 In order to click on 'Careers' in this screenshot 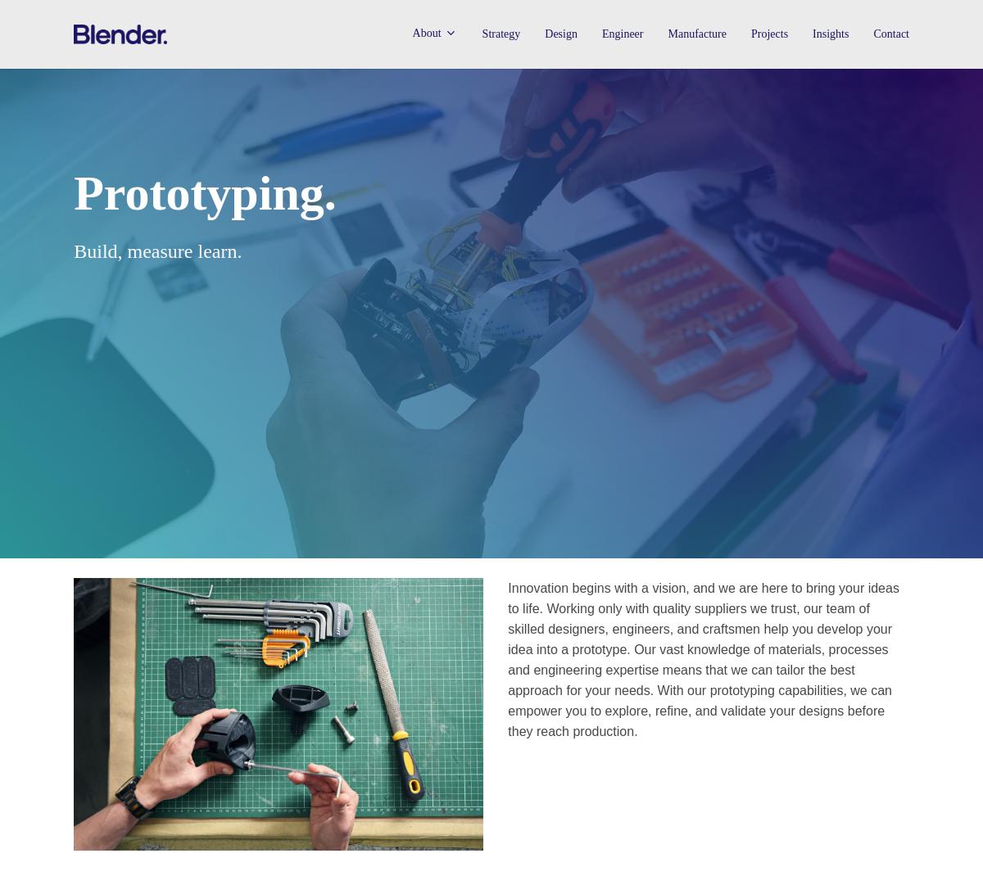, I will do `click(437, 161)`.